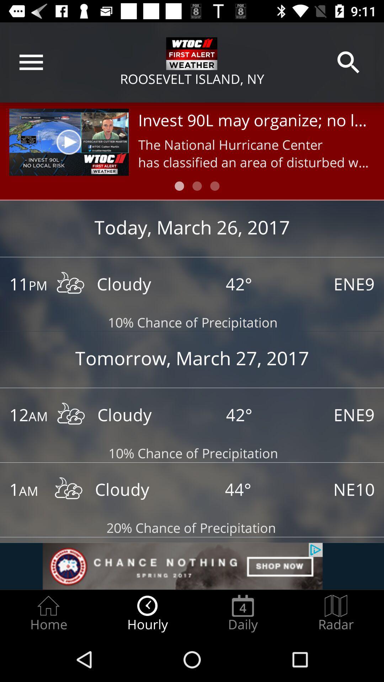  What do you see at coordinates (336, 613) in the screenshot?
I see `radar icon` at bounding box center [336, 613].